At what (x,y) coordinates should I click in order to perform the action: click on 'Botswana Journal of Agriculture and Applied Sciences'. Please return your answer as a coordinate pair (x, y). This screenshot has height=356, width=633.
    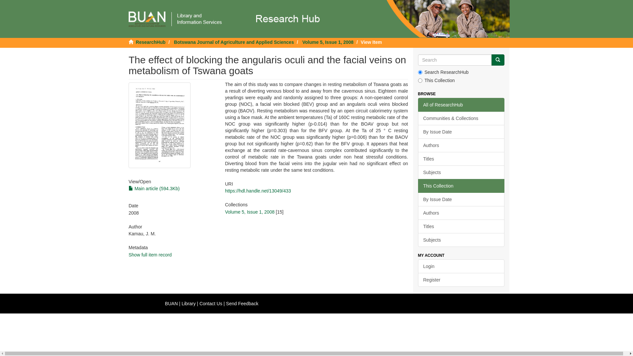
    Looking at the image, I should click on (234, 42).